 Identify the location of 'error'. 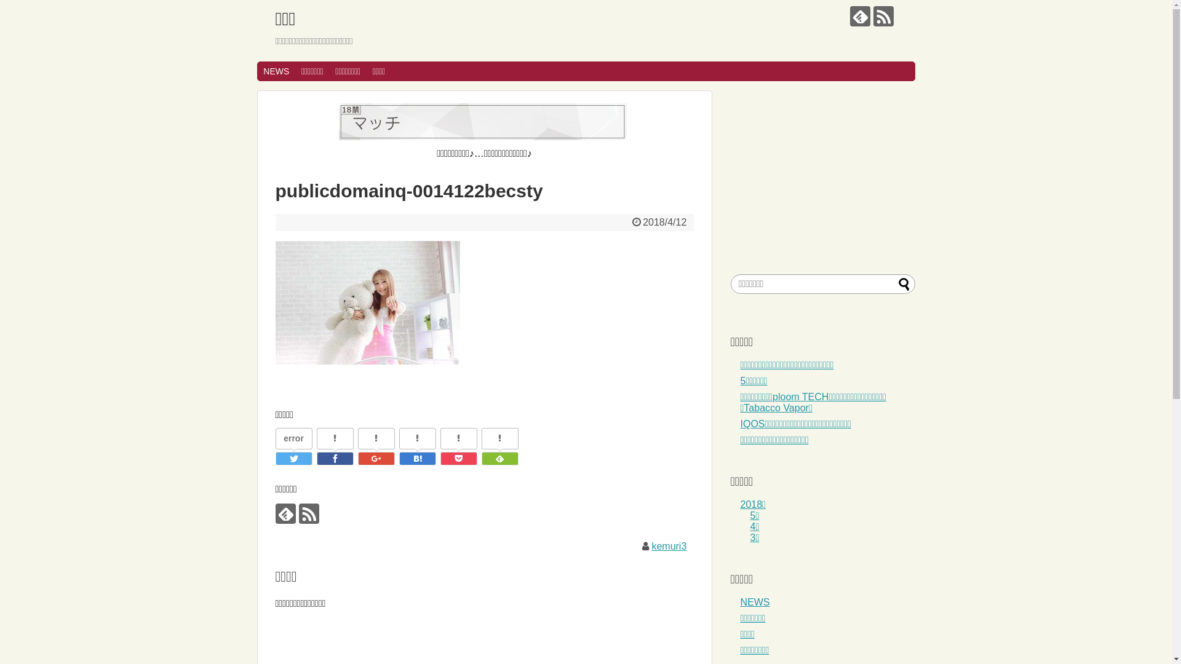
(292, 438).